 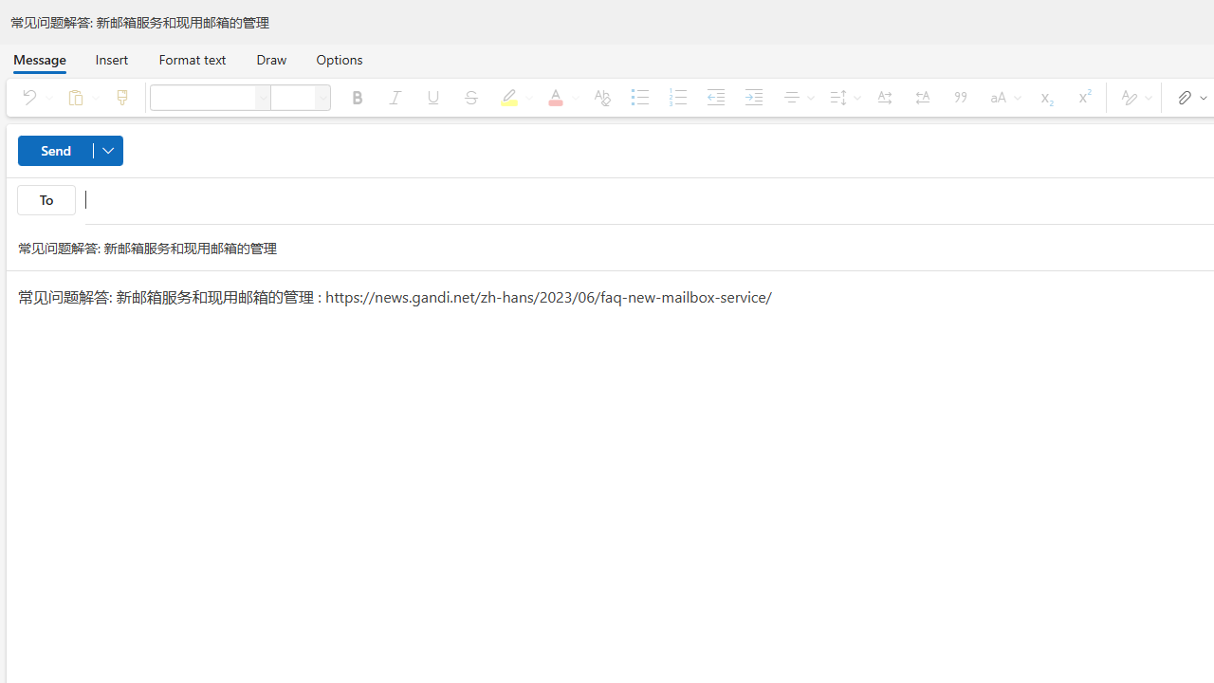 I want to click on 'Spacing', so click(x=841, y=97).